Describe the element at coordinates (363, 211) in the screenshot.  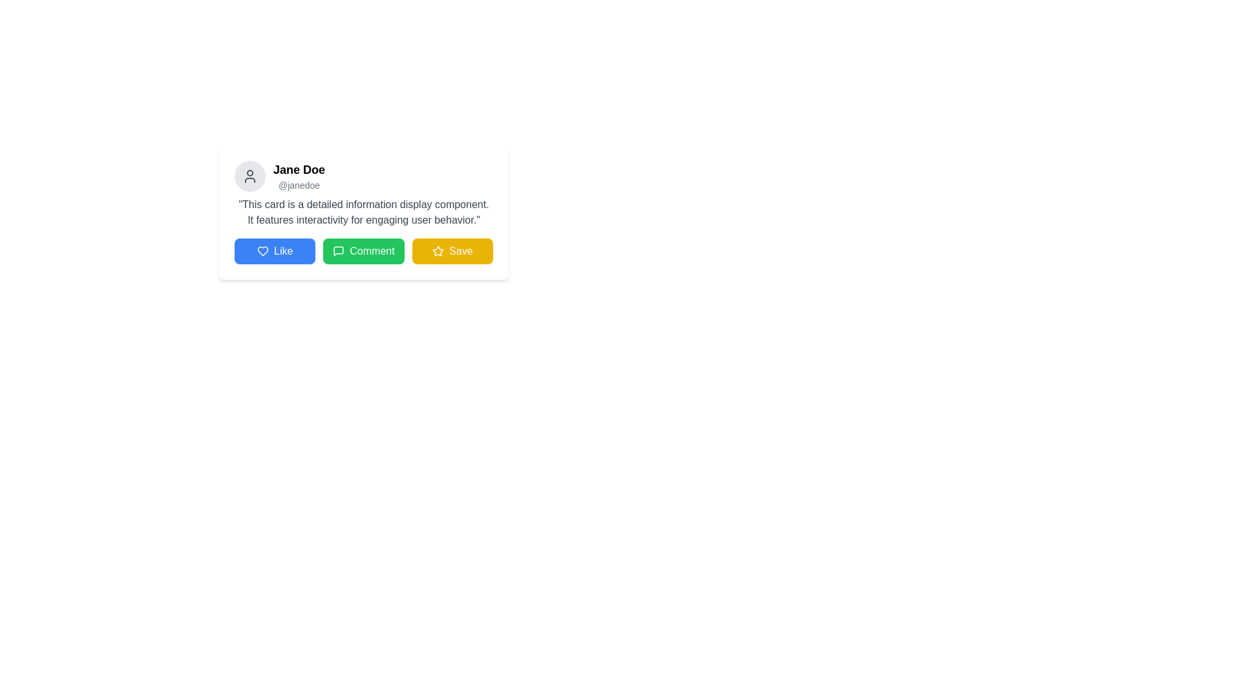
I see `descriptive text that states: 'This card is a detailed information display component. It features interactivity for engaging user behavior.' This text is plain styled in dark gray and located beneath the smaller text section '@janedoe'` at that location.